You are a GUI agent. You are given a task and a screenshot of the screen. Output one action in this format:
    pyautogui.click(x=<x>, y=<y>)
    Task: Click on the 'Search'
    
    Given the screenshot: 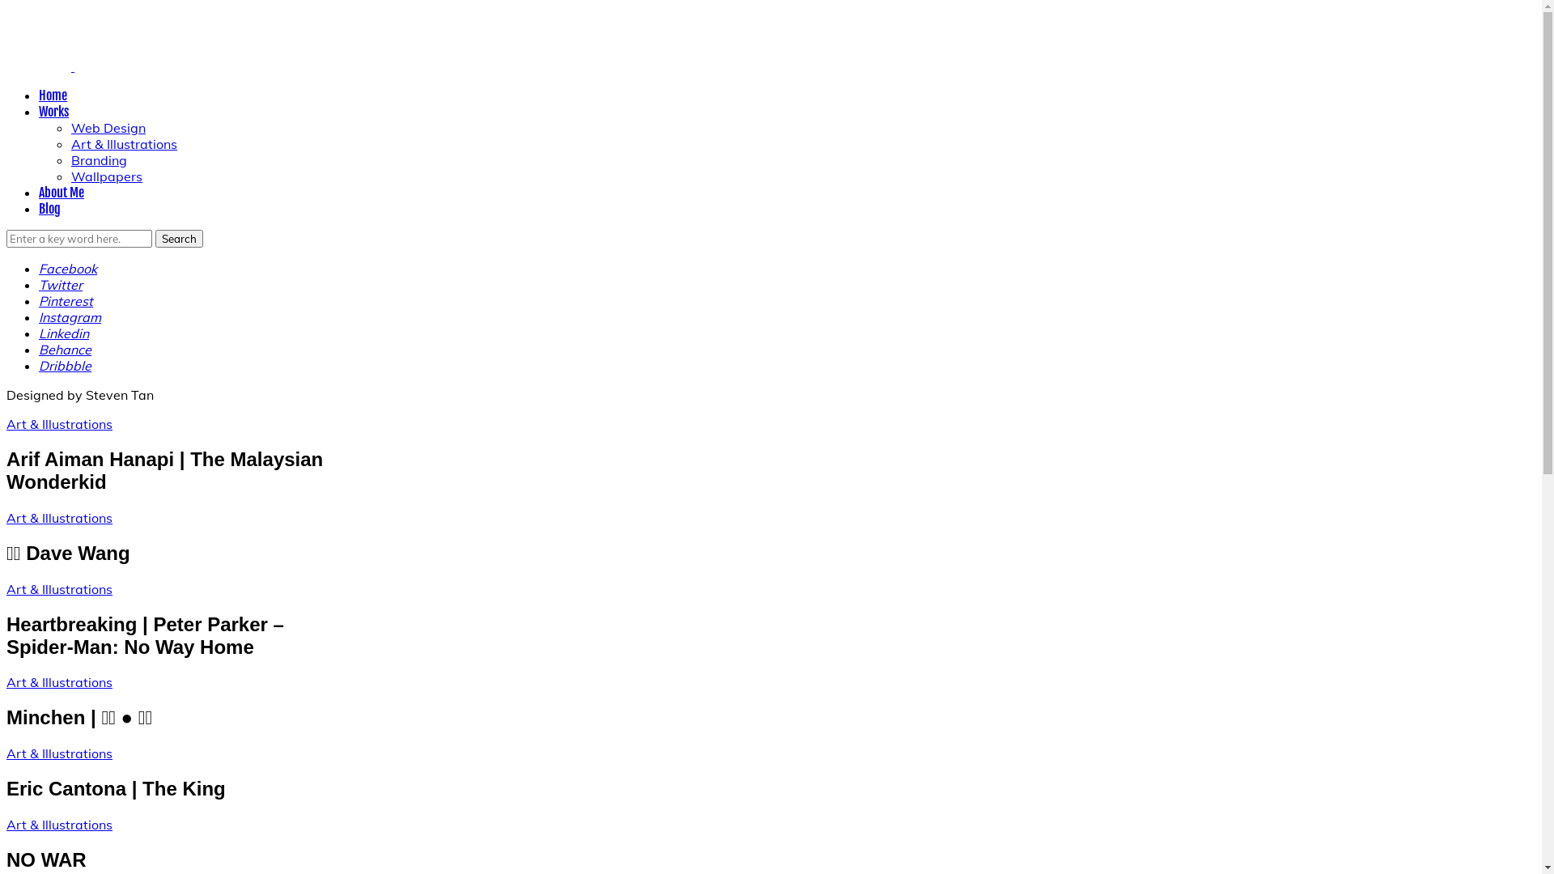 What is the action you would take?
    pyautogui.click(x=179, y=238)
    